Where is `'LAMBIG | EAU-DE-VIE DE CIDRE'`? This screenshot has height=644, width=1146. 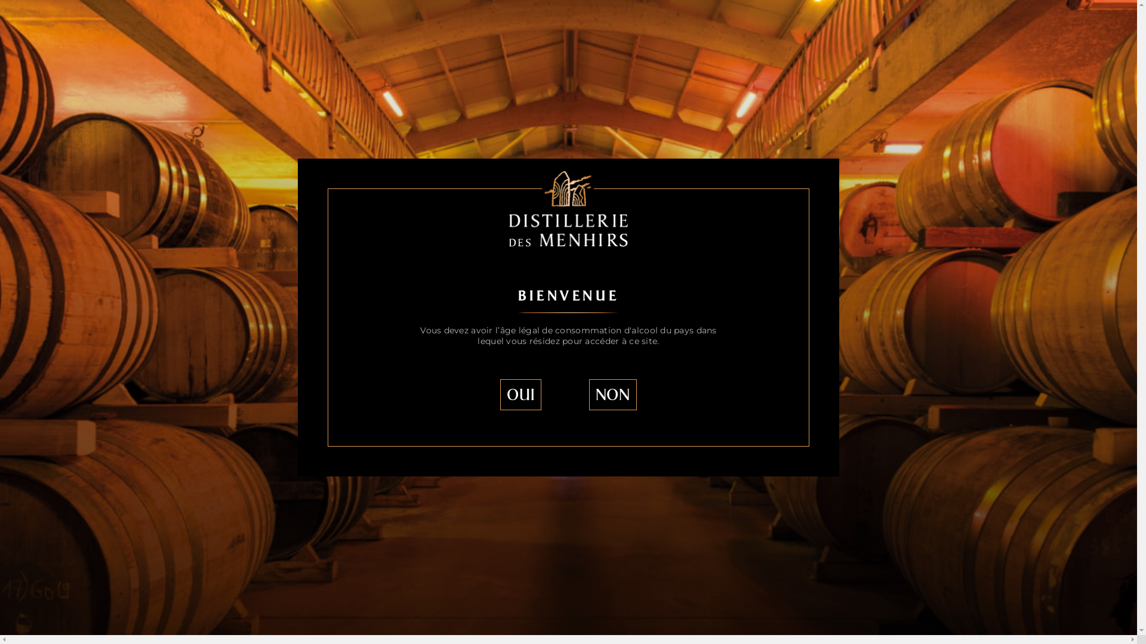 'LAMBIG | EAU-DE-VIE DE CIDRE' is located at coordinates (285, 80).